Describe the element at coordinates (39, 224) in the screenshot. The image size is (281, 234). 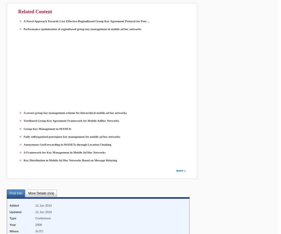
I see `'2006'` at that location.